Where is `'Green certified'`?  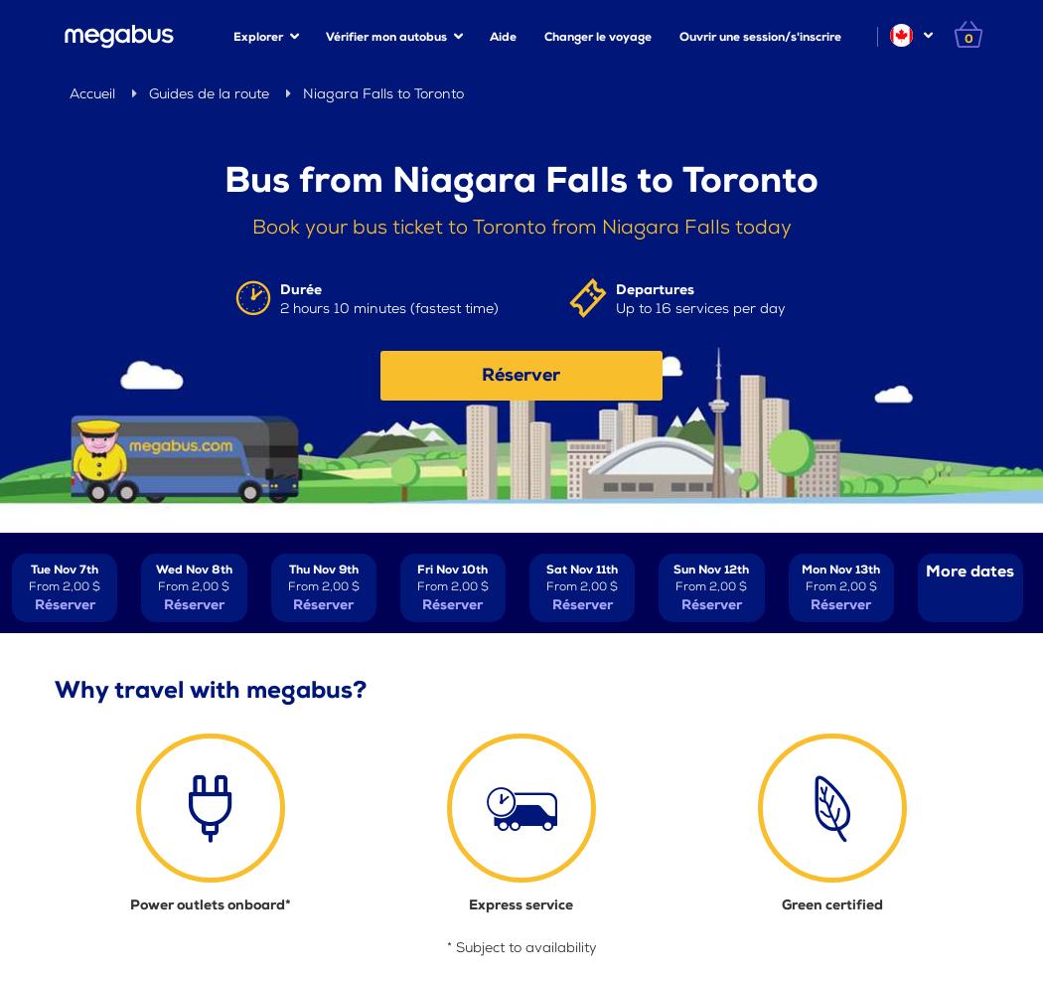 'Green certified' is located at coordinates (830, 903).